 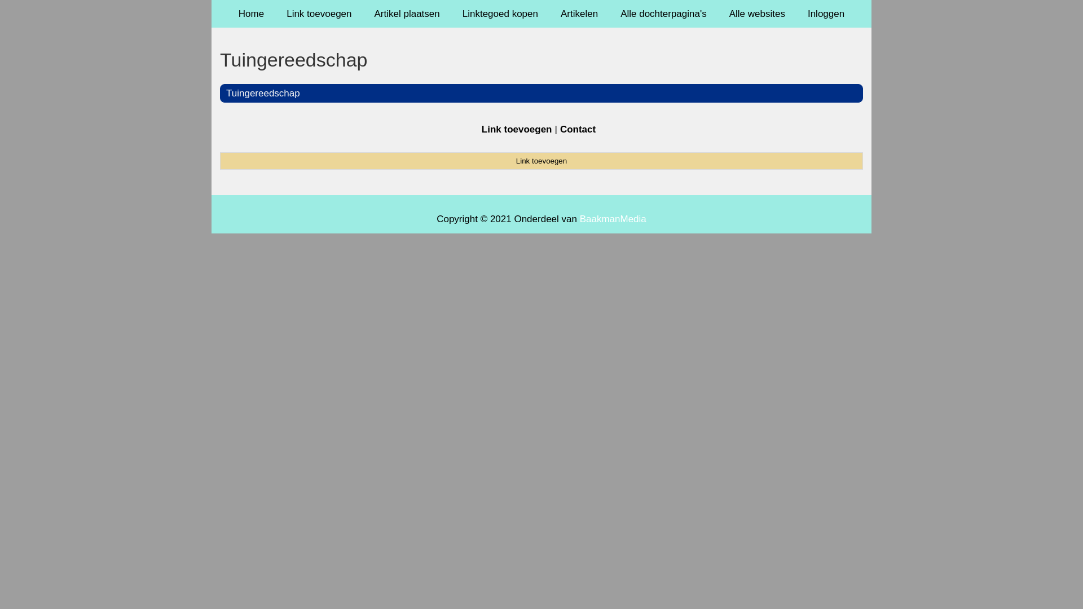 What do you see at coordinates (578, 129) in the screenshot?
I see `'Contact'` at bounding box center [578, 129].